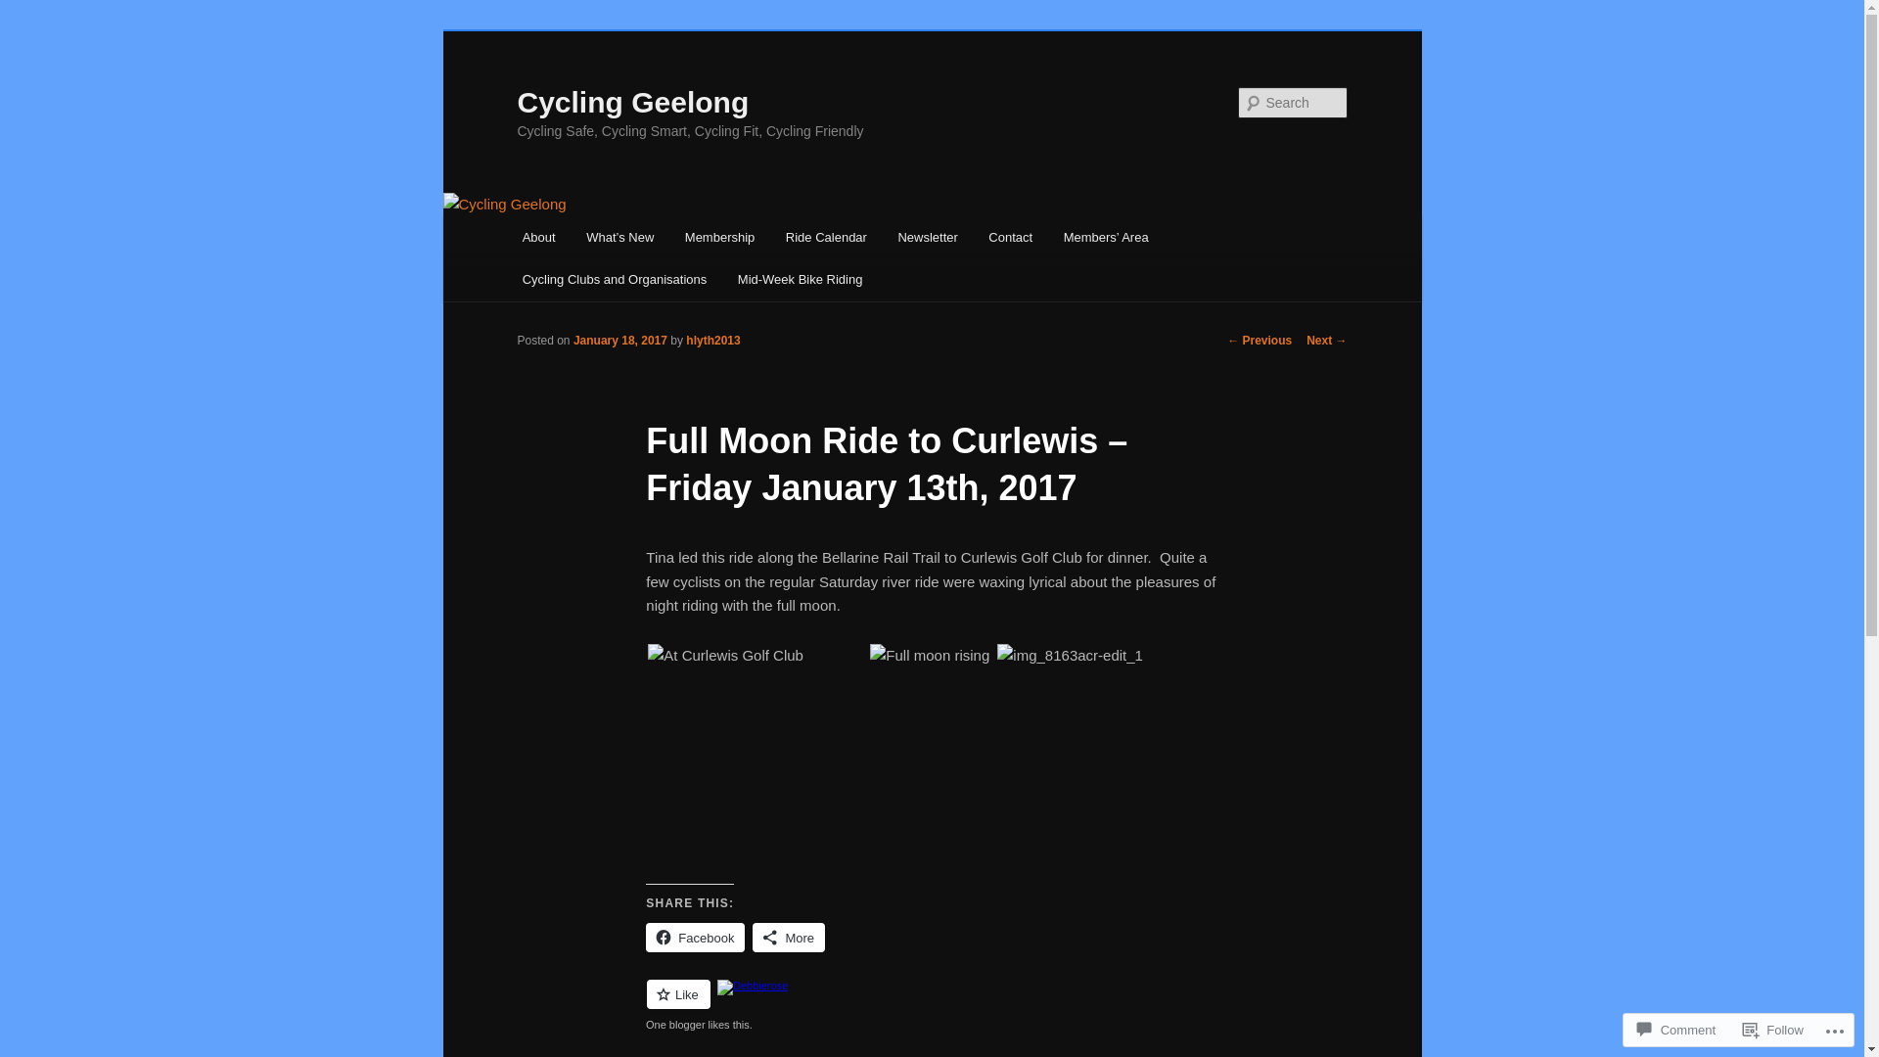  What do you see at coordinates (1773, 1029) in the screenshot?
I see `'Follow'` at bounding box center [1773, 1029].